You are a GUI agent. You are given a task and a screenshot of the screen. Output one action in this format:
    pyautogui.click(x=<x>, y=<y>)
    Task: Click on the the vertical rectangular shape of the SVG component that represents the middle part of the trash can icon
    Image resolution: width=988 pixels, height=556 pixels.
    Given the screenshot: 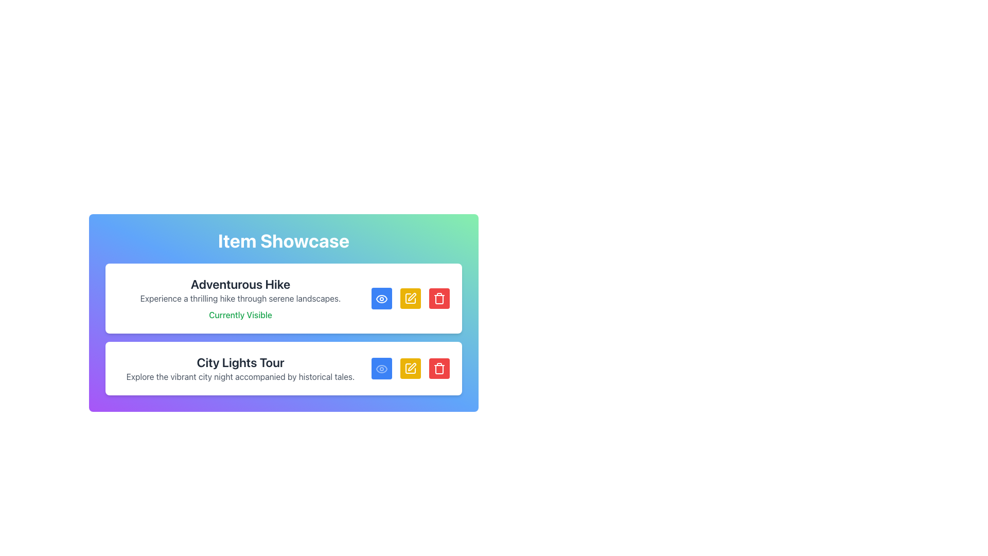 What is the action you would take?
    pyautogui.click(x=439, y=369)
    